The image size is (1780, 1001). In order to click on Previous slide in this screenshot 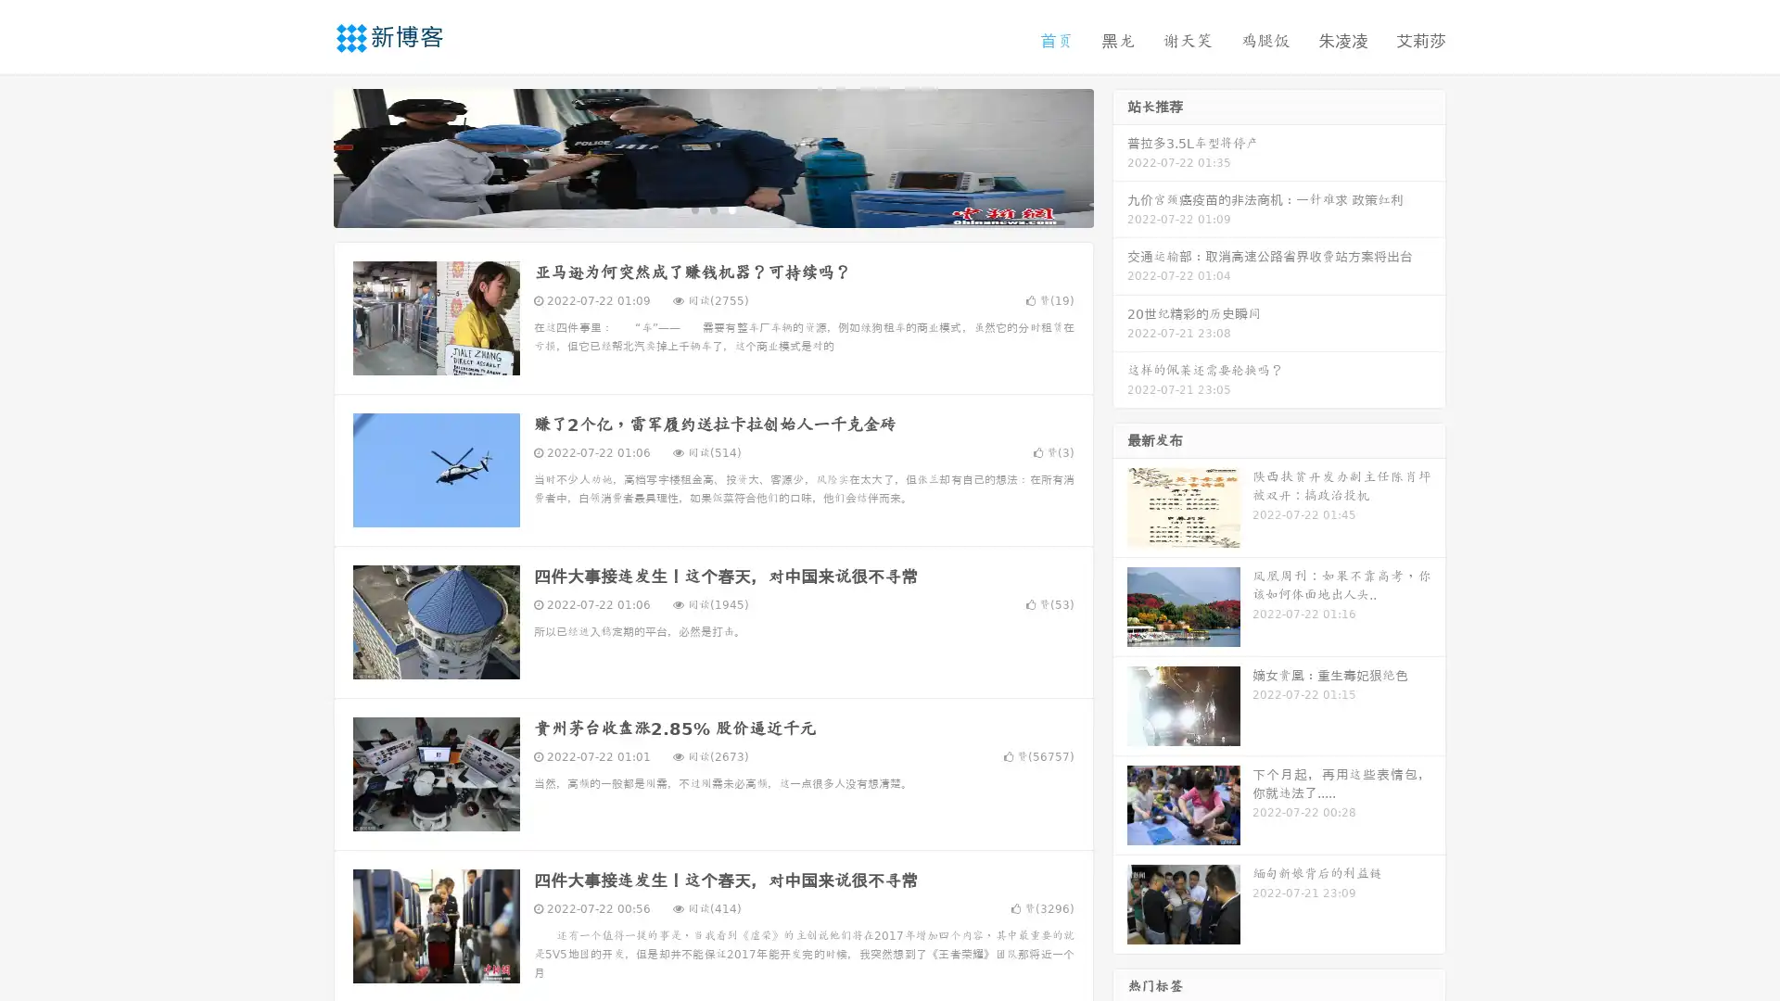, I will do `click(306, 156)`.